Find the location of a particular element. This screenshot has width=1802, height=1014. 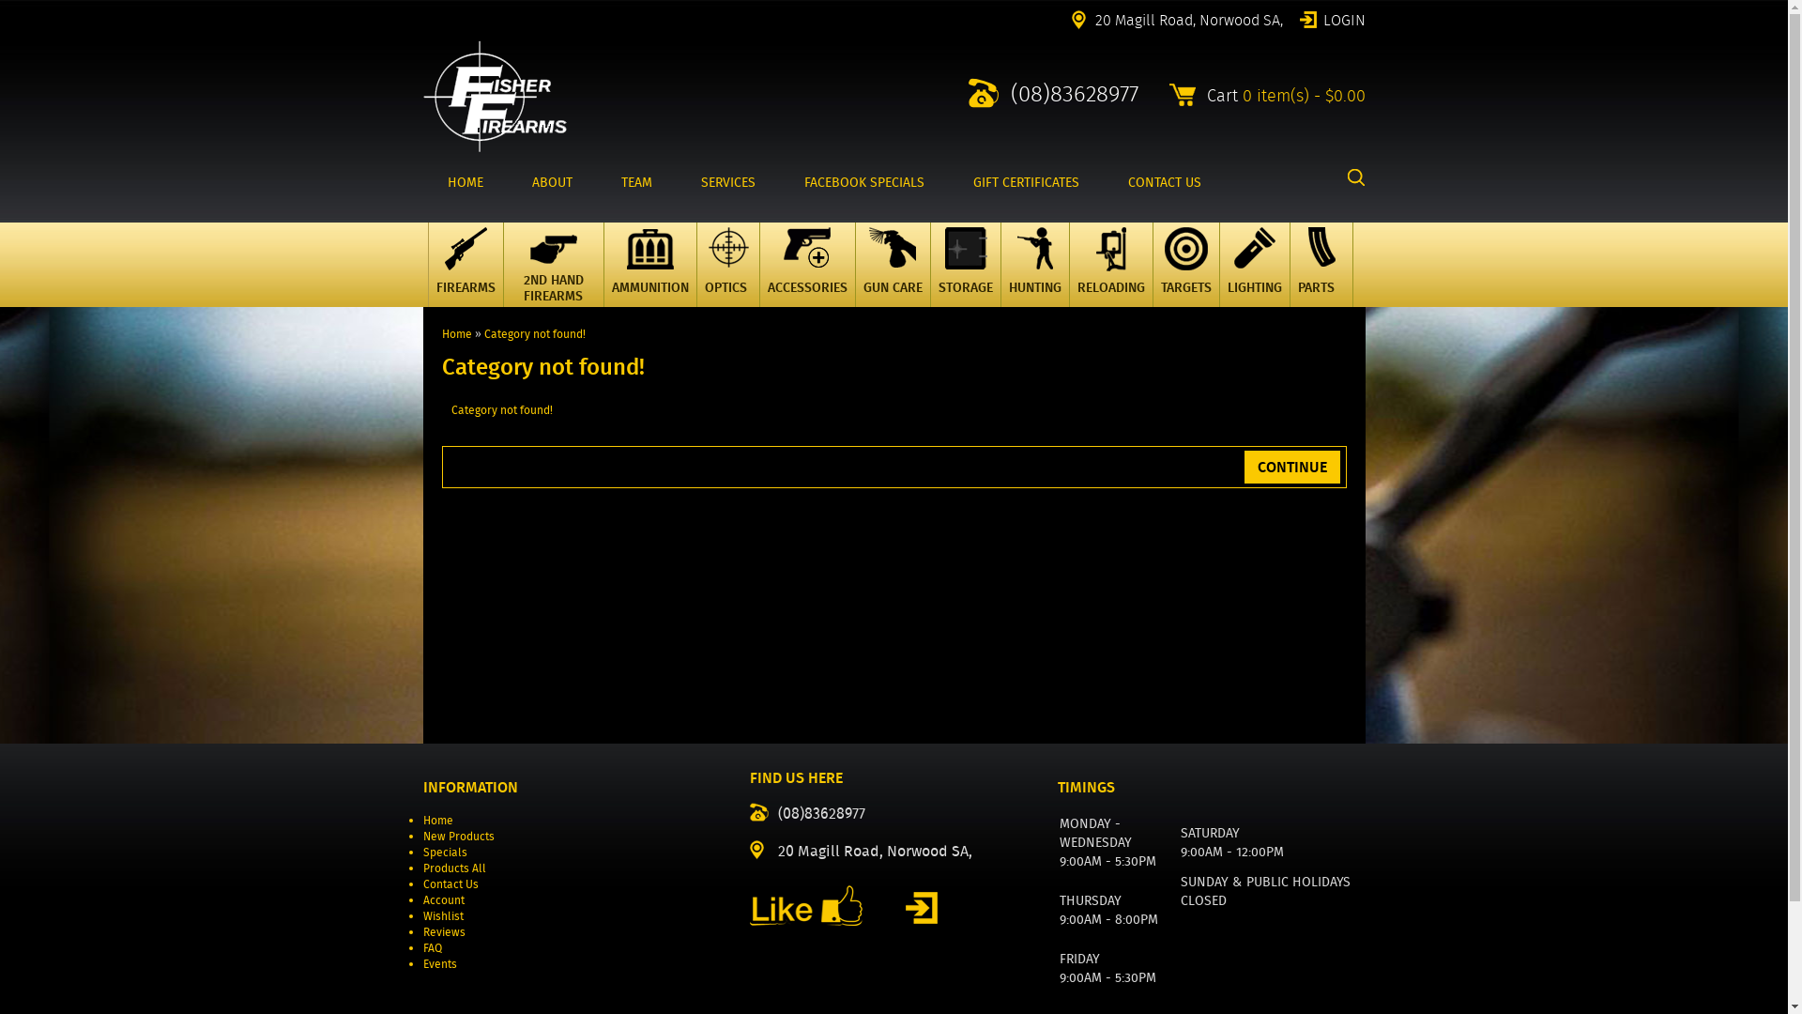

'Wishlist' is located at coordinates (441, 914).